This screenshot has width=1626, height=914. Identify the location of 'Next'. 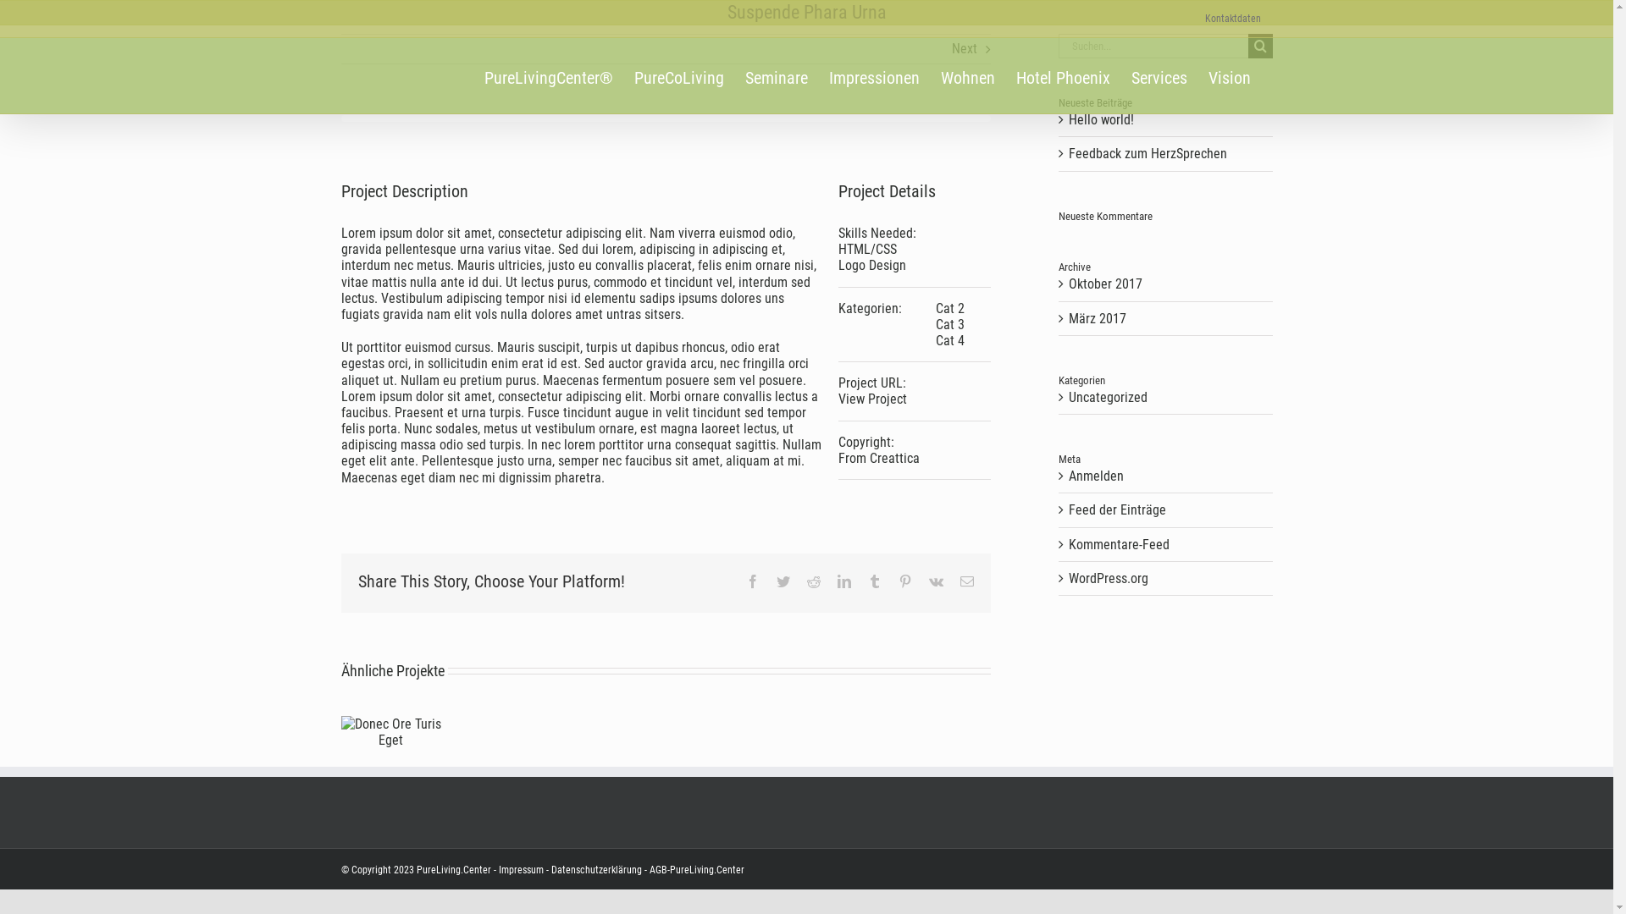
(964, 47).